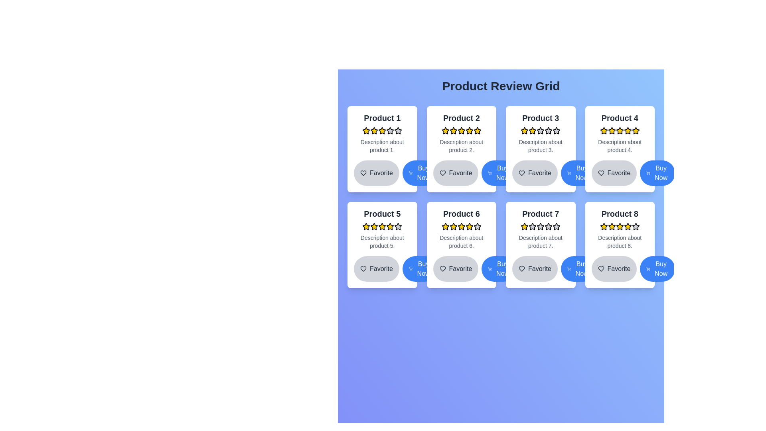 The image size is (766, 431). I want to click on the gray unfilled star icon representing the rating for 'Product 8' in the second row of the grid to rate the product, so click(635, 226).